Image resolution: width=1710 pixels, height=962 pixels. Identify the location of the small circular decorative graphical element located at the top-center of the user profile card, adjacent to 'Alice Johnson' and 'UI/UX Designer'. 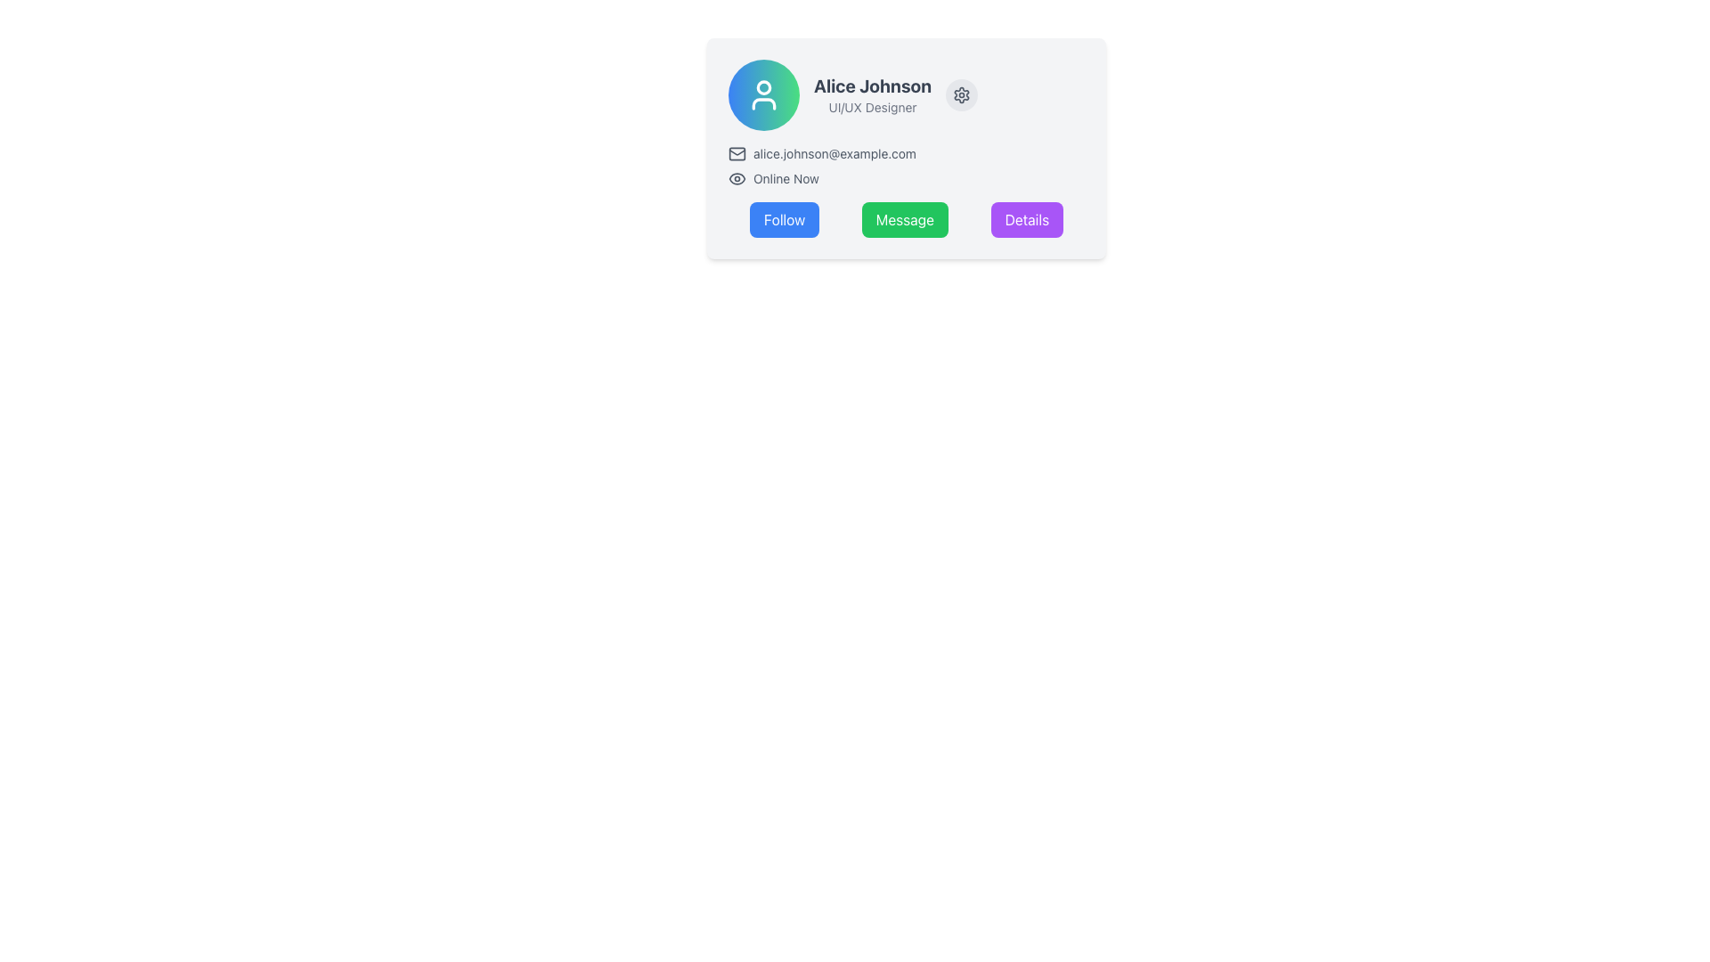
(764, 86).